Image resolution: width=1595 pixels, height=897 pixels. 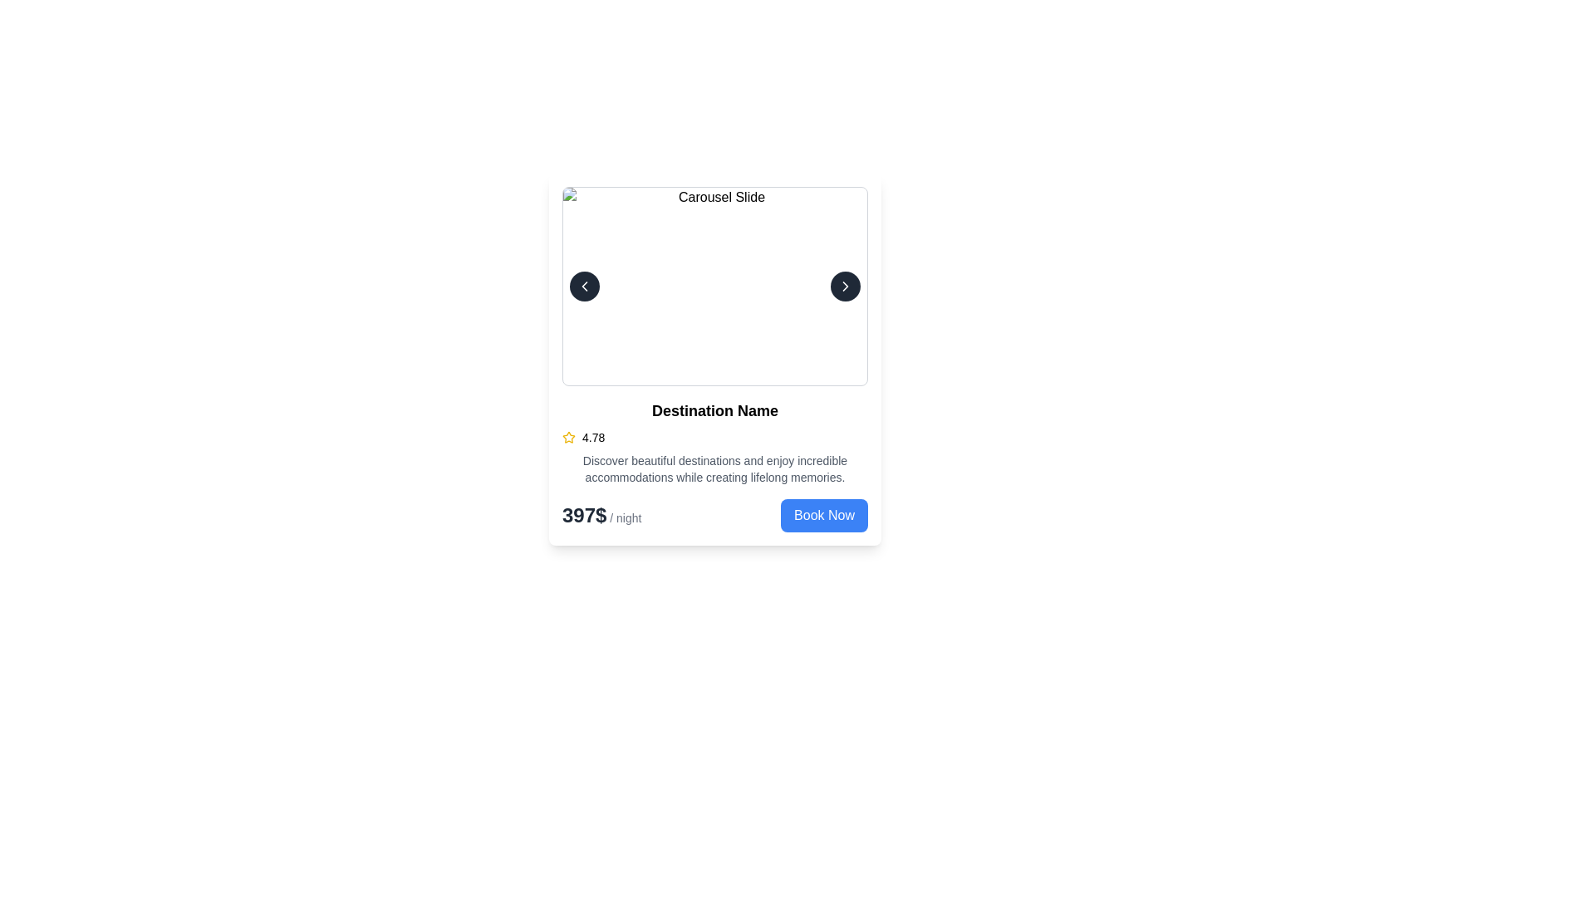 What do you see at coordinates (585, 285) in the screenshot?
I see `the circular button with a dark gray or black background and a white left-facing chevron icon` at bounding box center [585, 285].